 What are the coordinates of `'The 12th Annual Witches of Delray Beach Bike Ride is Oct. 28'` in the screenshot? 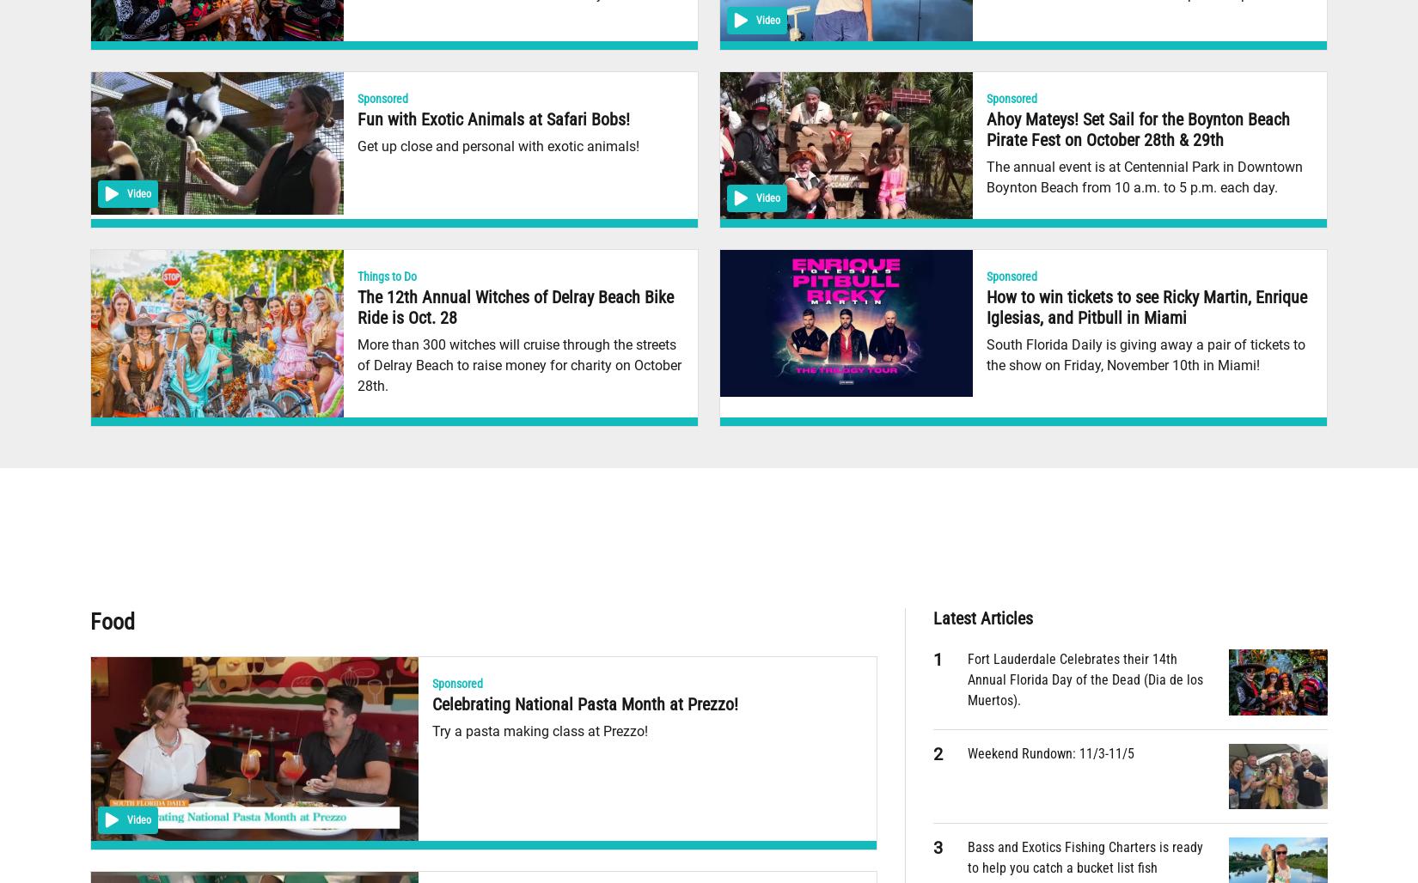 It's located at (514, 306).